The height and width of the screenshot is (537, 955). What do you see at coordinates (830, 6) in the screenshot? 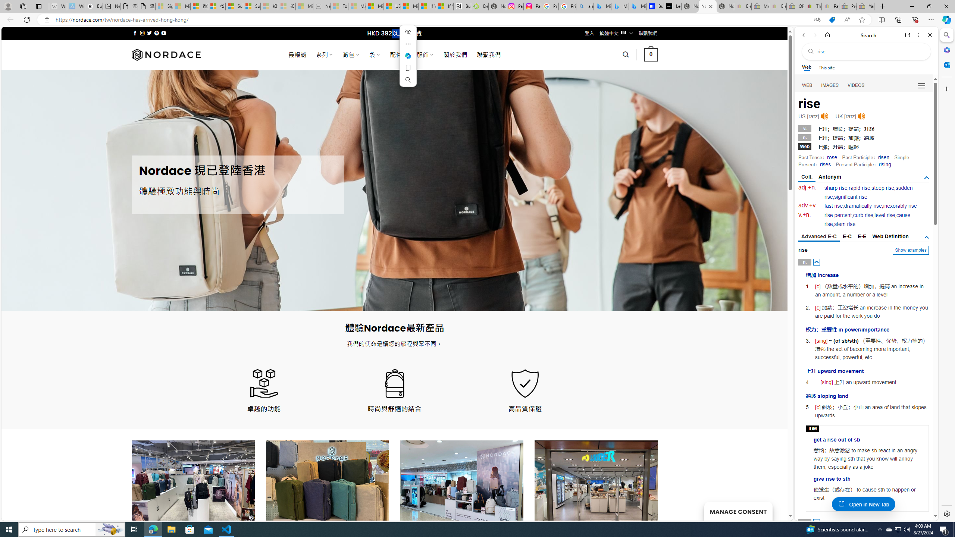
I see `'Payments Terms of Use | eBay.com - Sleeping'` at bounding box center [830, 6].